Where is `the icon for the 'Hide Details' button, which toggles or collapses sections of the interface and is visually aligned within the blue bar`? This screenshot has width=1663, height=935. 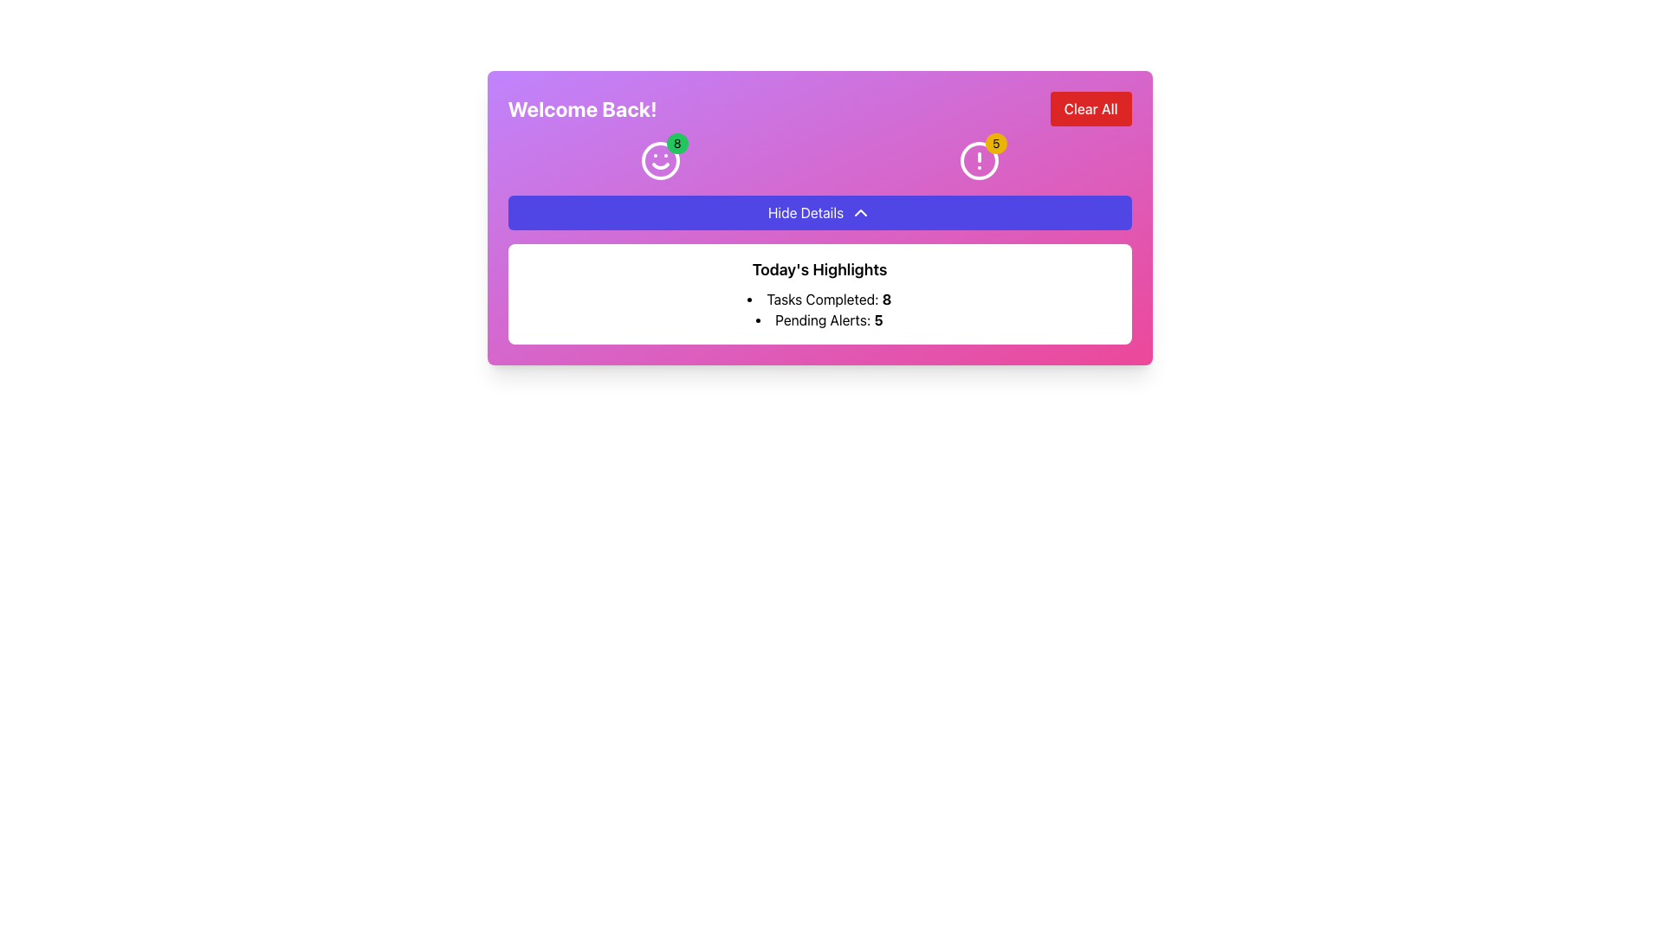 the icon for the 'Hide Details' button, which toggles or collapses sections of the interface and is visually aligned within the blue bar is located at coordinates (861, 212).